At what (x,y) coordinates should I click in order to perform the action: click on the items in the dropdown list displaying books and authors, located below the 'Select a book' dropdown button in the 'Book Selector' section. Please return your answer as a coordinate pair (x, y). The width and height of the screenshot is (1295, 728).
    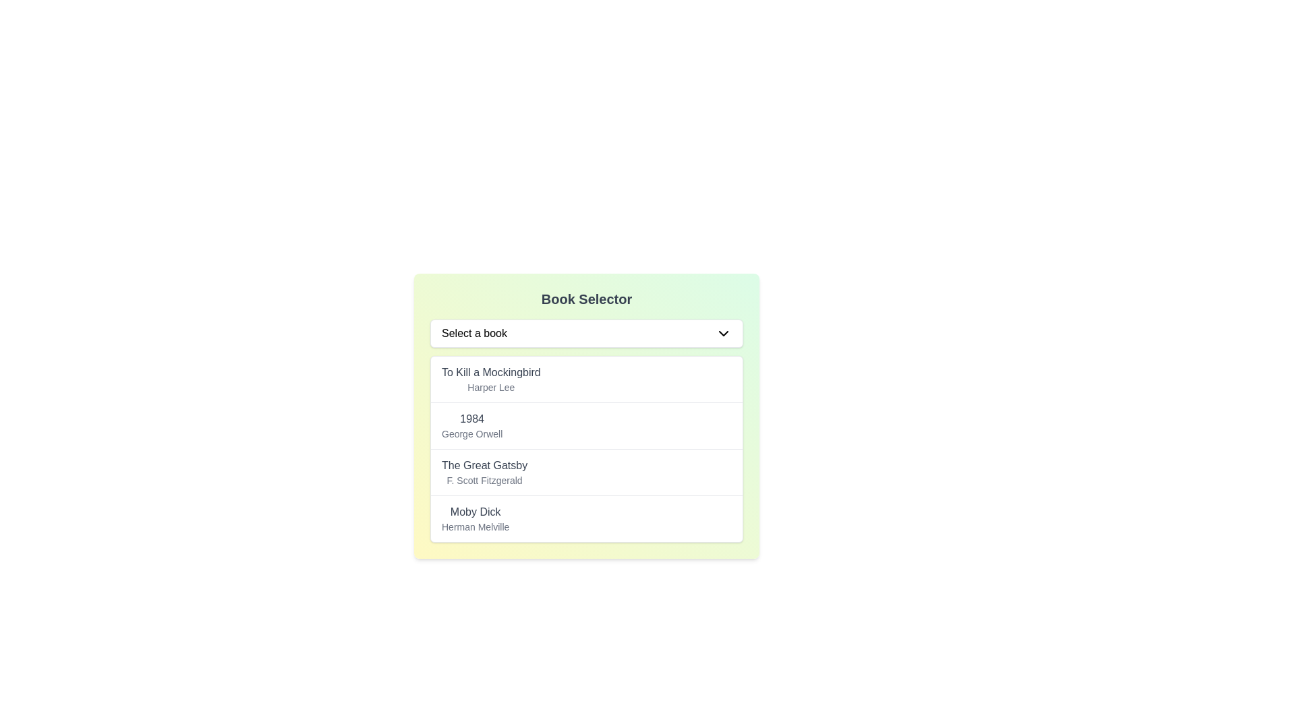
    Looking at the image, I should click on (586, 449).